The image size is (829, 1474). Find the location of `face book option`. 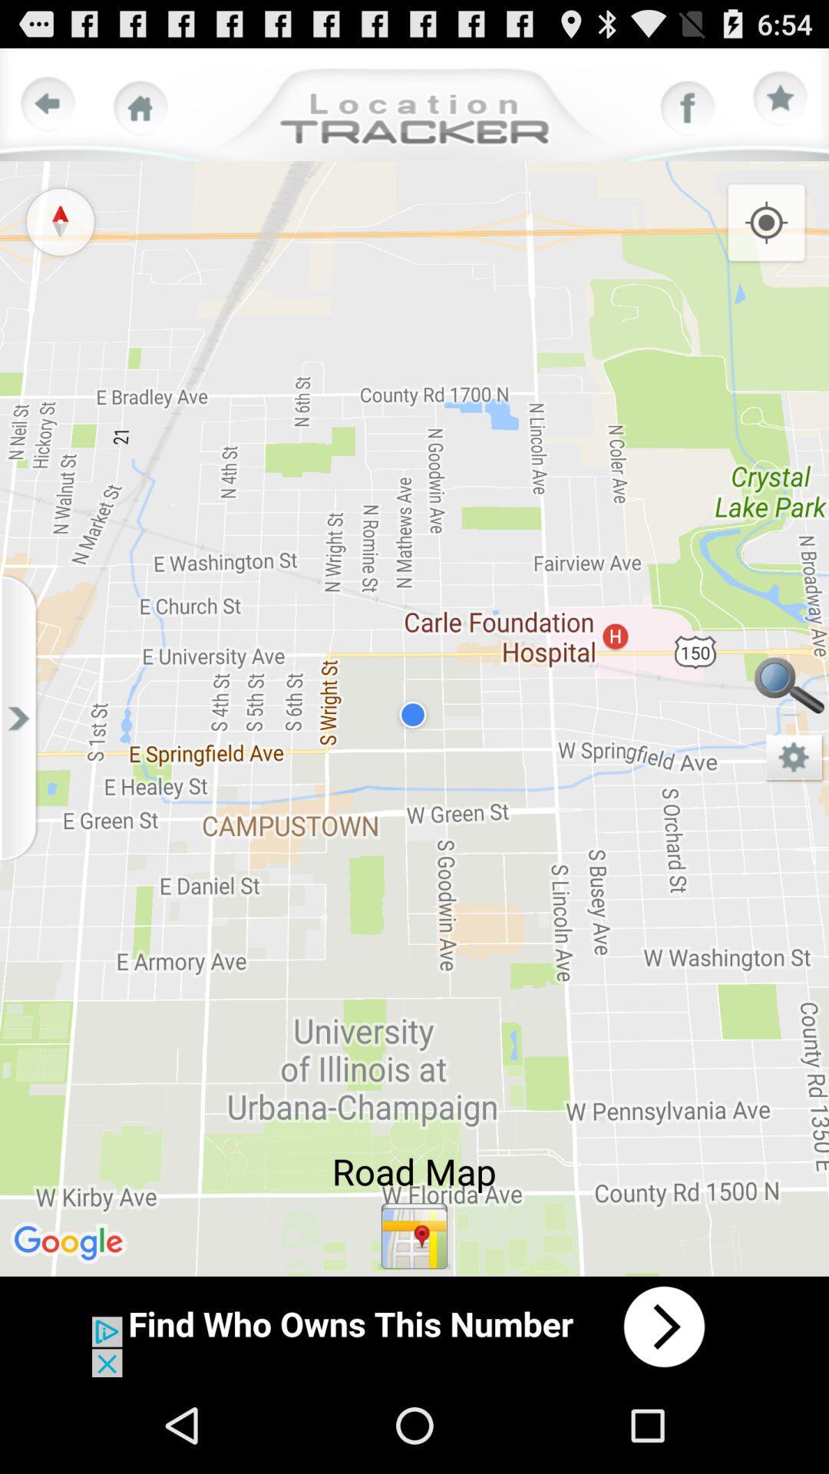

face book option is located at coordinates (687, 107).